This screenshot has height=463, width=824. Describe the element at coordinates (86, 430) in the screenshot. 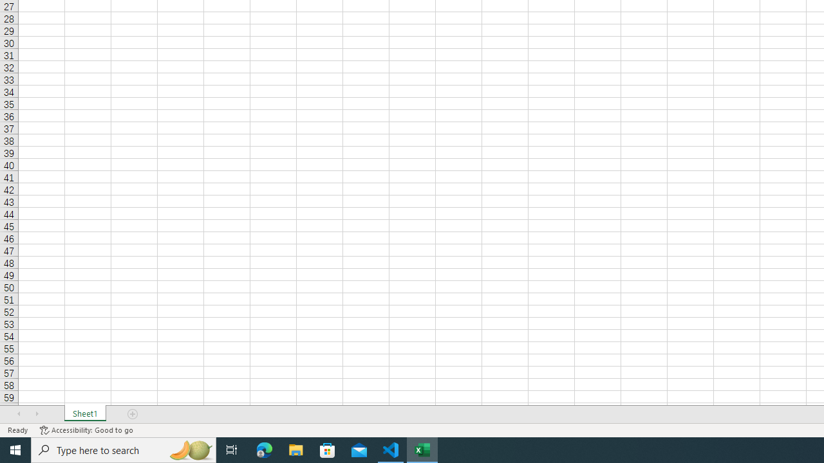

I see `'Accessibility Checker Accessibility: Good to go'` at that location.